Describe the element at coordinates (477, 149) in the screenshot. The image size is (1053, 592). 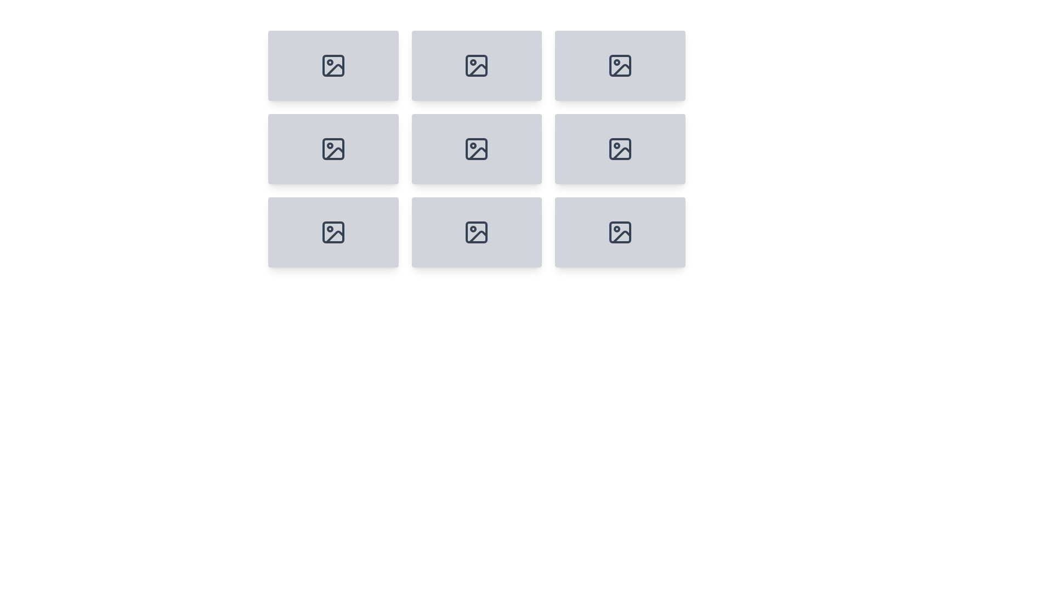
I see `the central grid item placeholder in the second row of the grid containing image placeholders with icons on a gray background` at that location.